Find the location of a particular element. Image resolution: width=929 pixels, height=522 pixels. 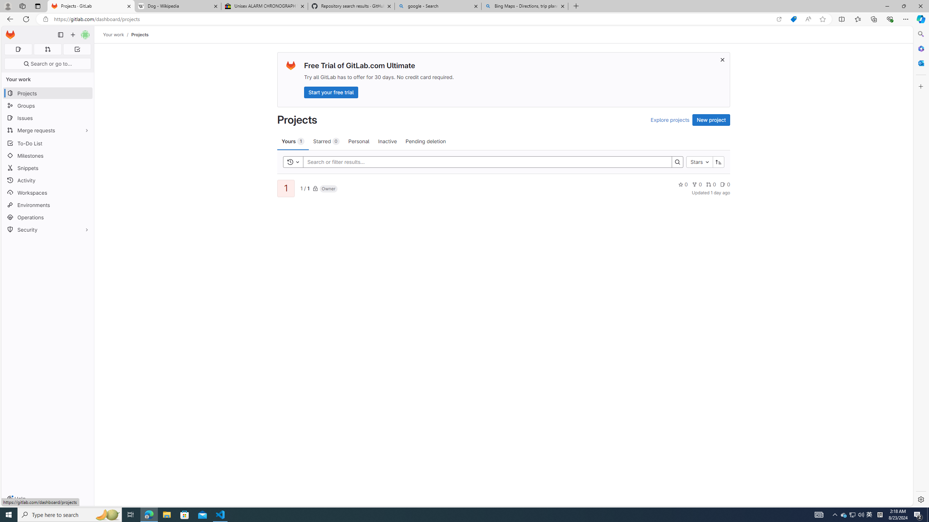

'Explore projects' is located at coordinates (669, 120).